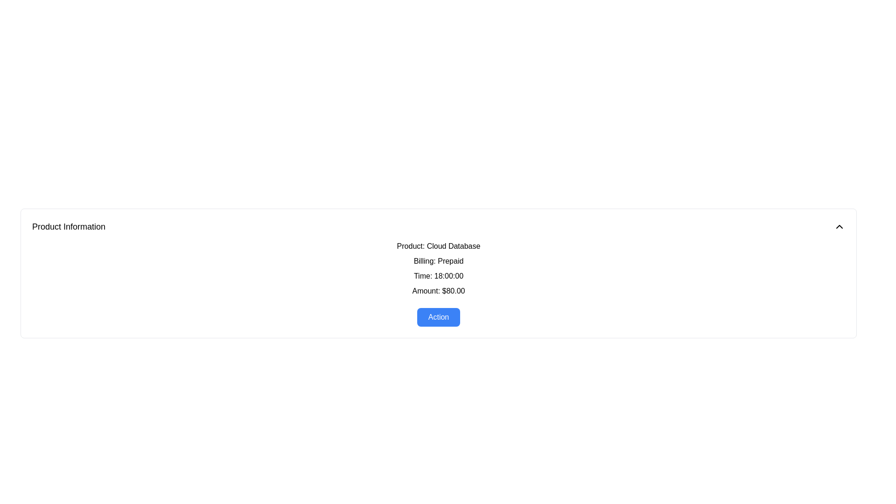  Describe the element at coordinates (438, 246) in the screenshot. I see `the informational text label displaying 'Cloud Database' located in the top-left corner of the card, above the 'Billing' field` at that location.